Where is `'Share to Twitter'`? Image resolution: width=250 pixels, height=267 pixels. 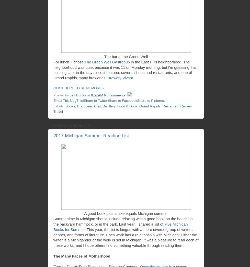
'Share to Twitter' is located at coordinates (95, 100).